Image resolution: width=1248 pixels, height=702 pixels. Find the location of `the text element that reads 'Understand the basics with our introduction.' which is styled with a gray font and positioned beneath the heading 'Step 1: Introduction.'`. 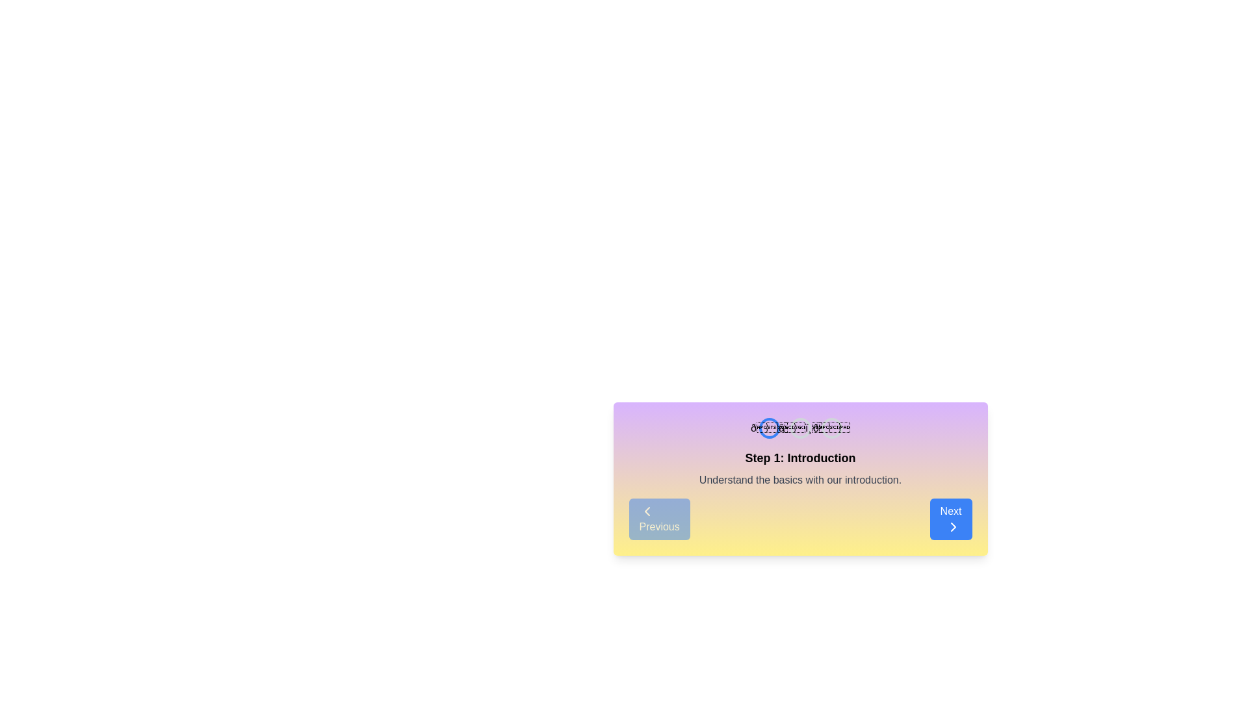

the text element that reads 'Understand the basics with our introduction.' which is styled with a gray font and positioned beneath the heading 'Step 1: Introduction.' is located at coordinates (799, 480).